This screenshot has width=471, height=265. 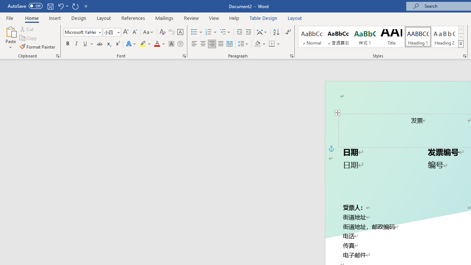 I want to click on 'Clear Formatting', so click(x=162, y=32).